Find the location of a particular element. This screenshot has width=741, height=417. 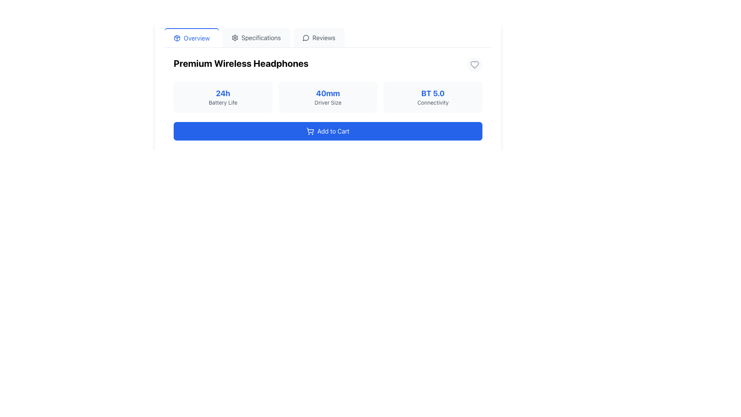

the heart icon in the top-right corner of the banner displaying 'Premium Wireless Headphones' to like or save the item is located at coordinates (474, 64).